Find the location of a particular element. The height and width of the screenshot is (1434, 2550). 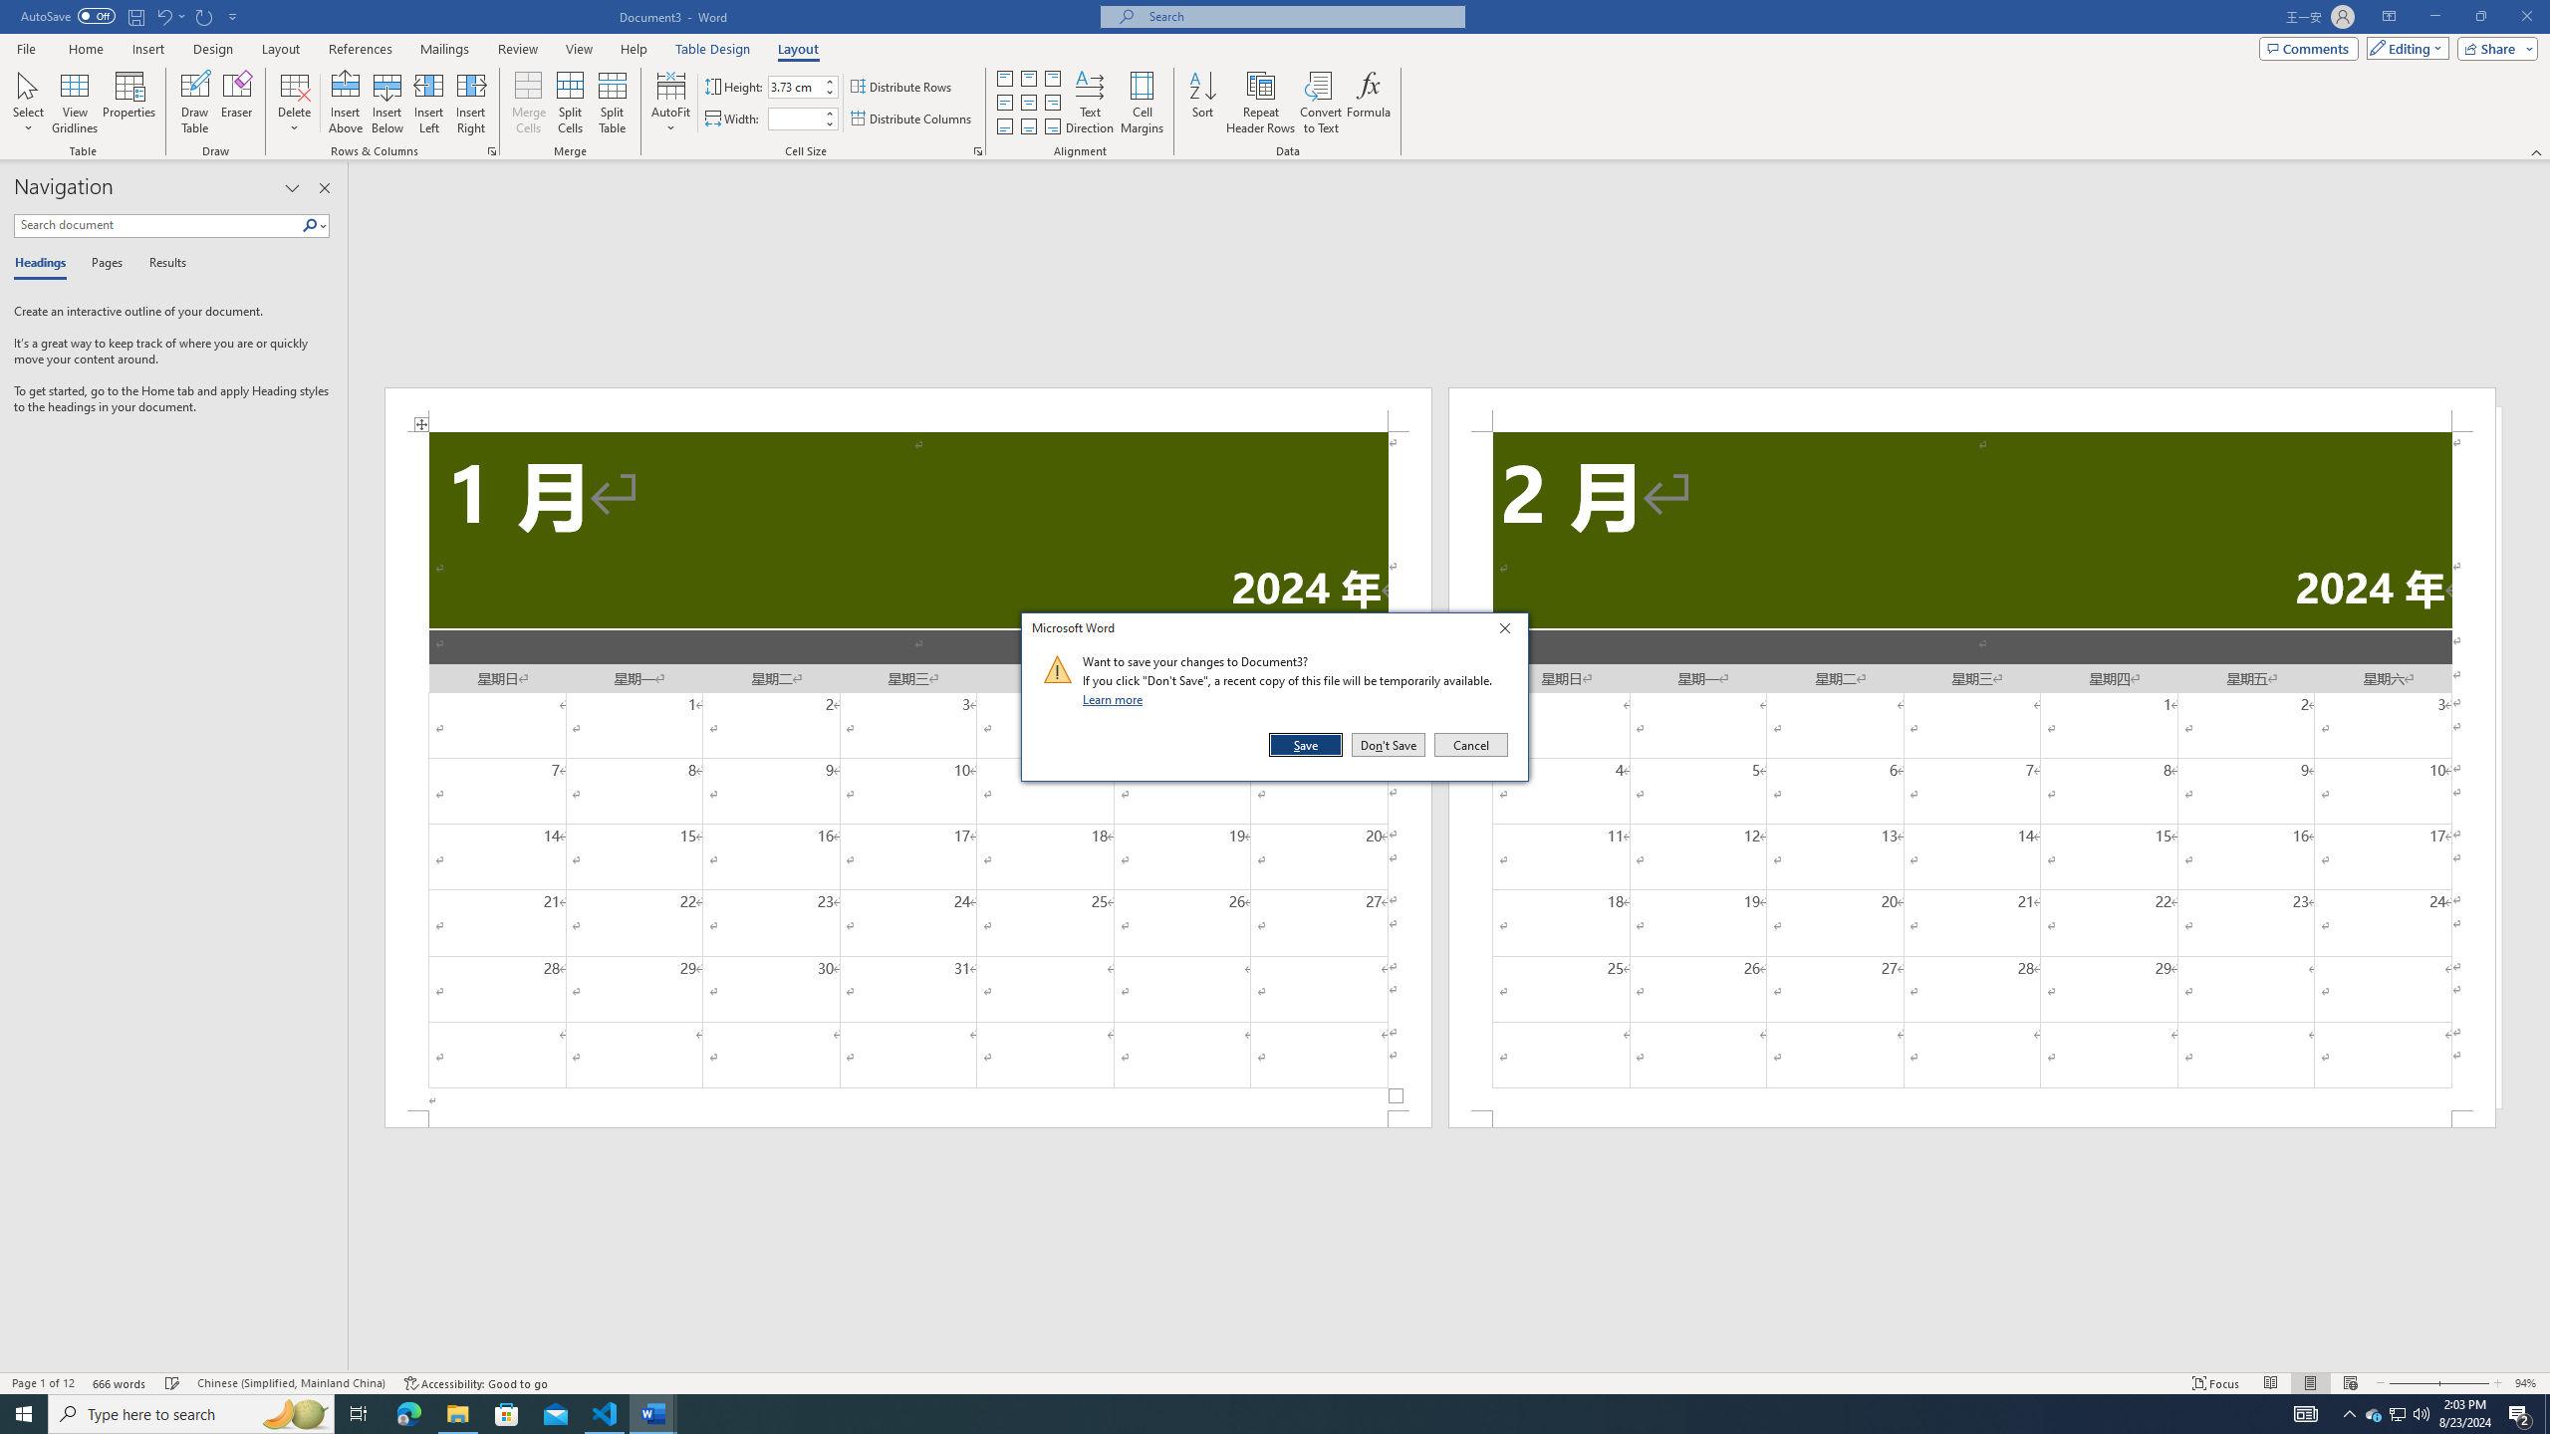

'Footer -Section 2-' is located at coordinates (1972, 1117).